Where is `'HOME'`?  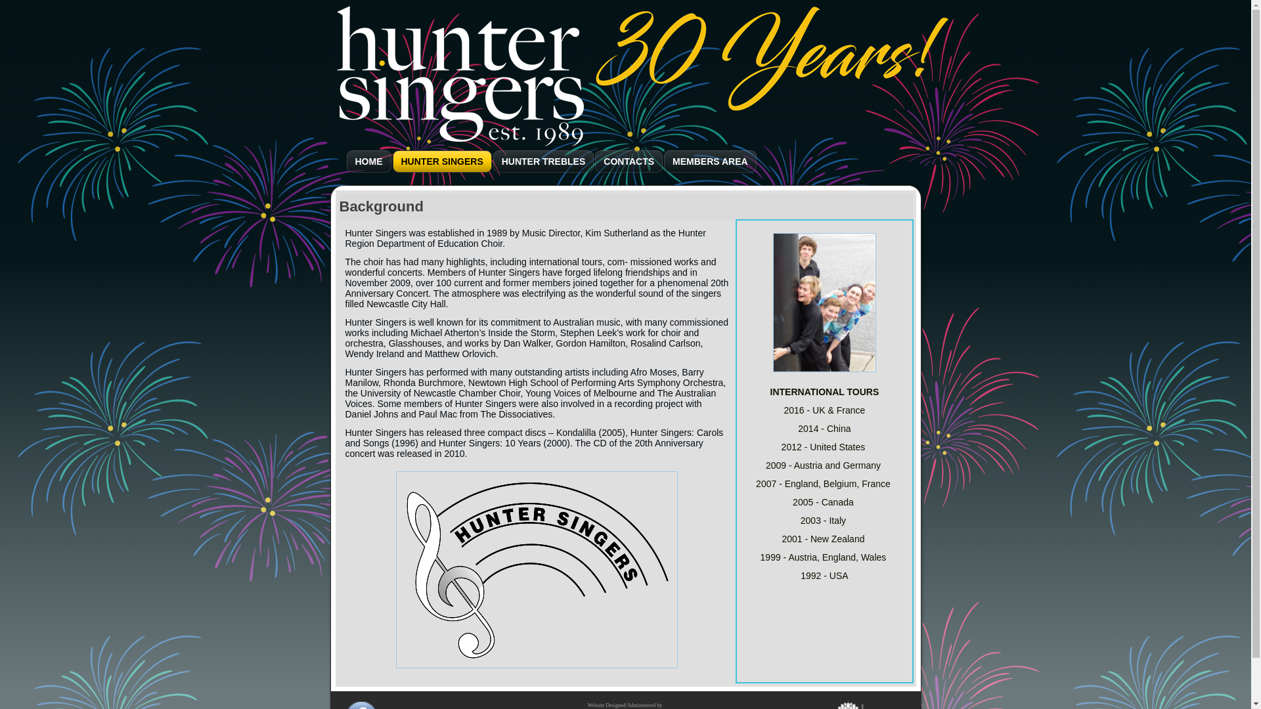 'HOME' is located at coordinates (368, 161).